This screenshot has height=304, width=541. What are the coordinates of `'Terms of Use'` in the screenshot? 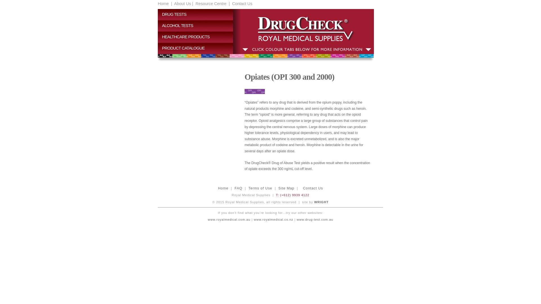 It's located at (260, 188).